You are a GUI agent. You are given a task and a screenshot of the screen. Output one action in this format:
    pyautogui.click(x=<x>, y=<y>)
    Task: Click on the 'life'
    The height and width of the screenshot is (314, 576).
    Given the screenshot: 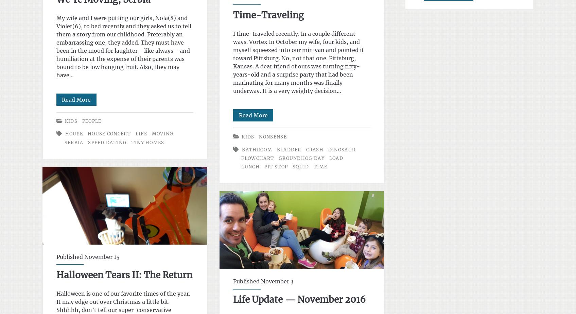 What is the action you would take?
    pyautogui.click(x=141, y=134)
    